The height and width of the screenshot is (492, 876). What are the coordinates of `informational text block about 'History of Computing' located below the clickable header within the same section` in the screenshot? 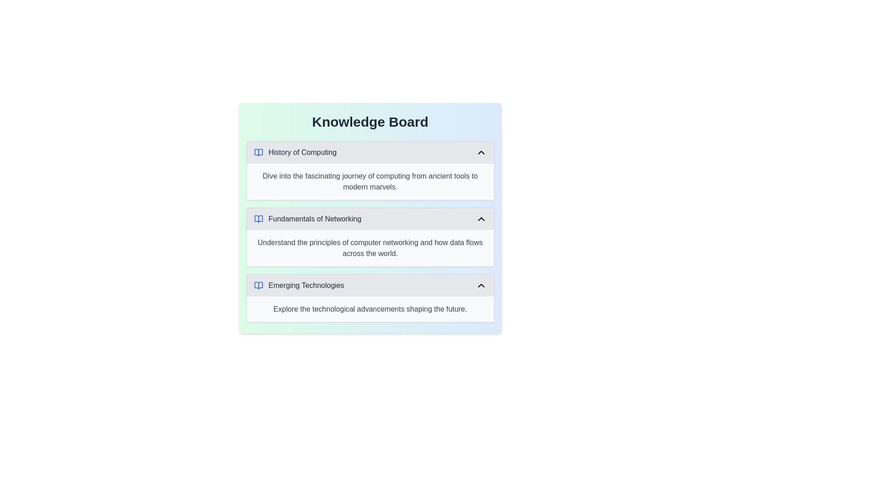 It's located at (370, 181).